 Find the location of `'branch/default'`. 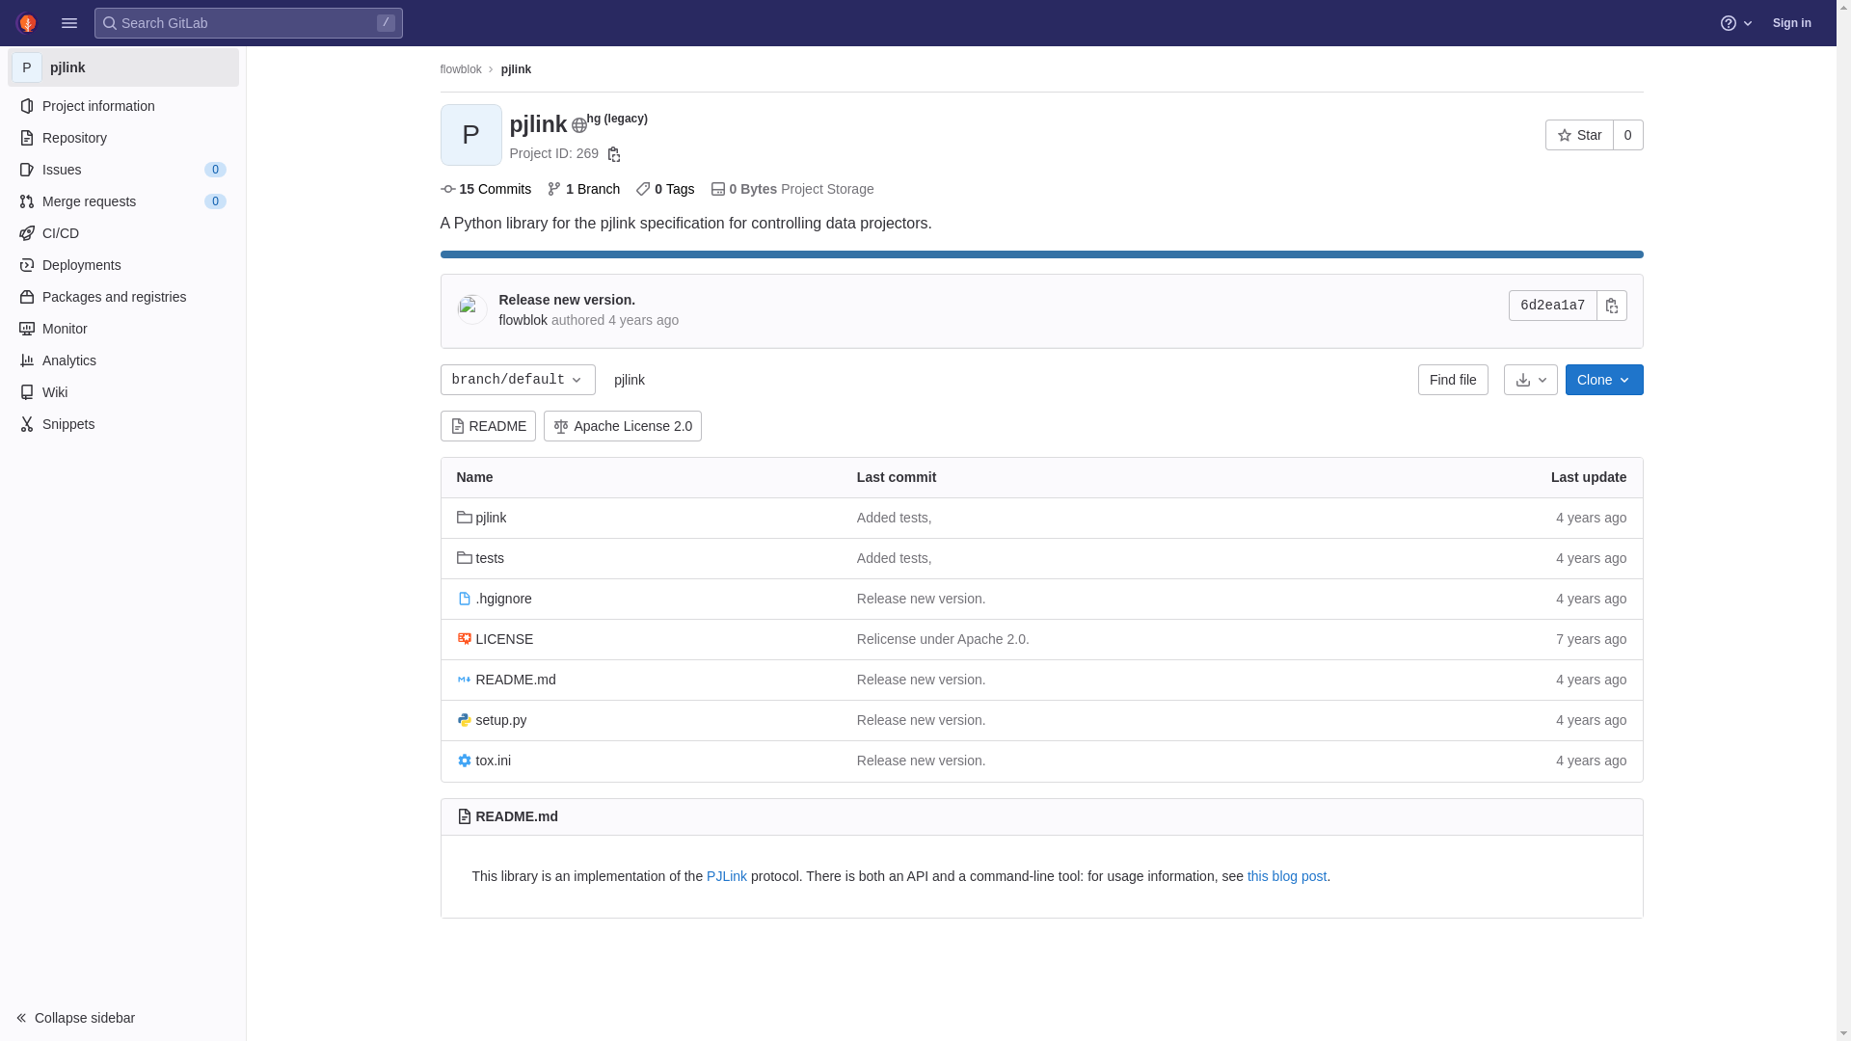

'branch/default' is located at coordinates (518, 379).